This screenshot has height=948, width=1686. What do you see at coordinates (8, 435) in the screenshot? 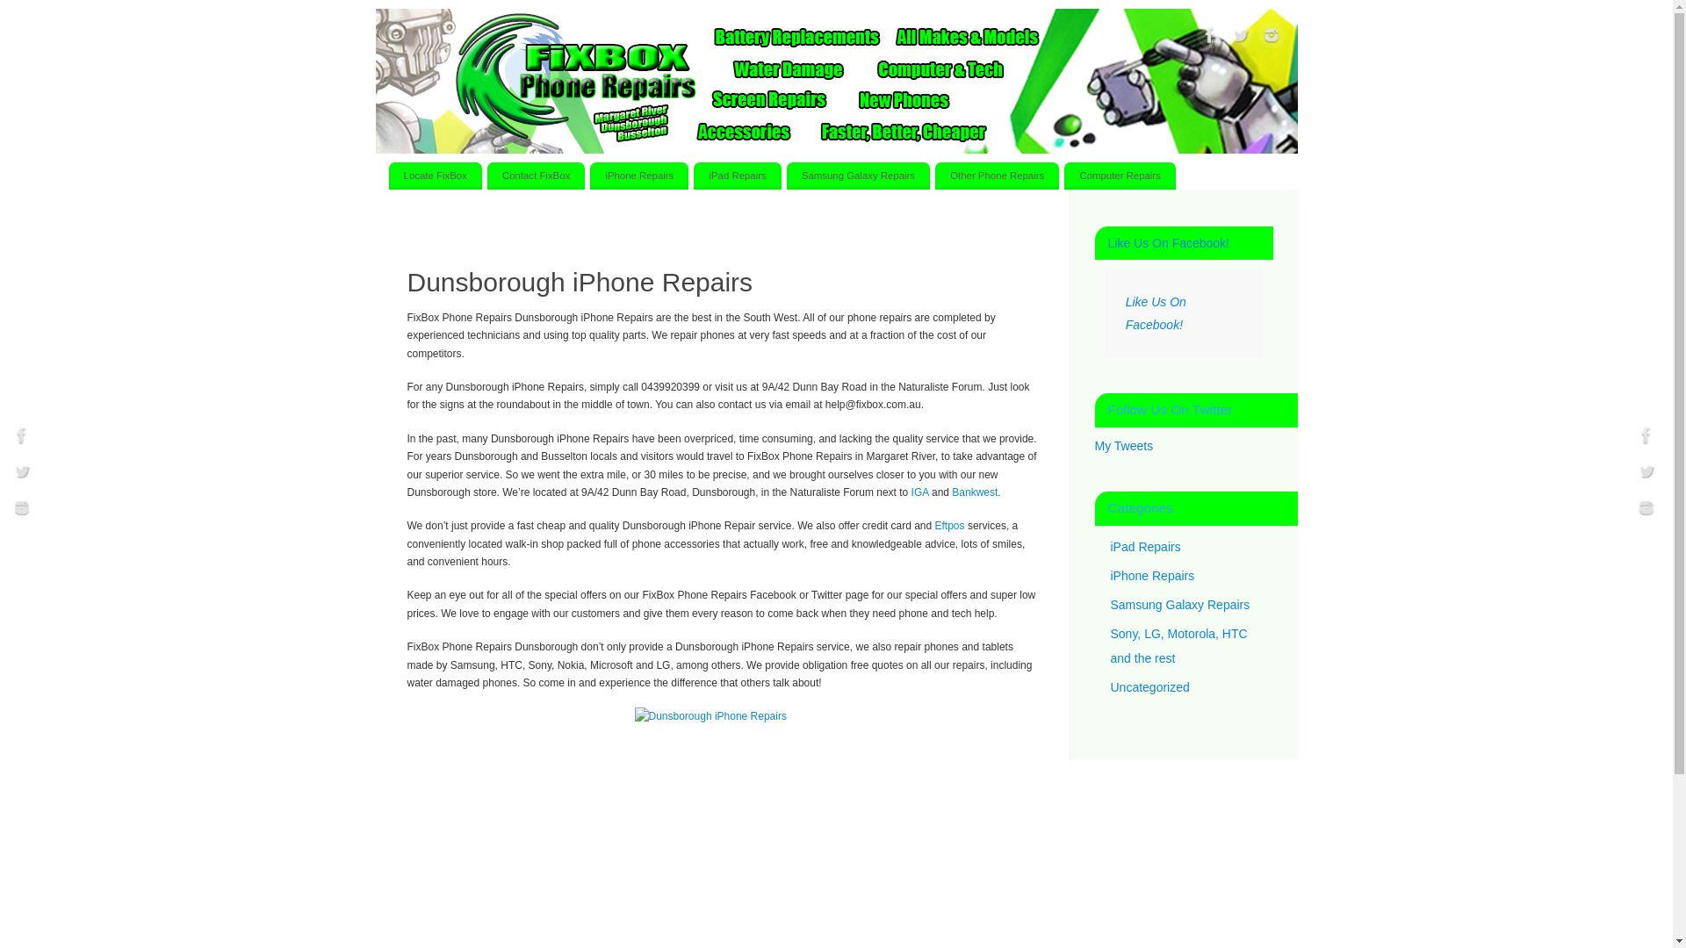
I see `'Facebook'` at bounding box center [8, 435].